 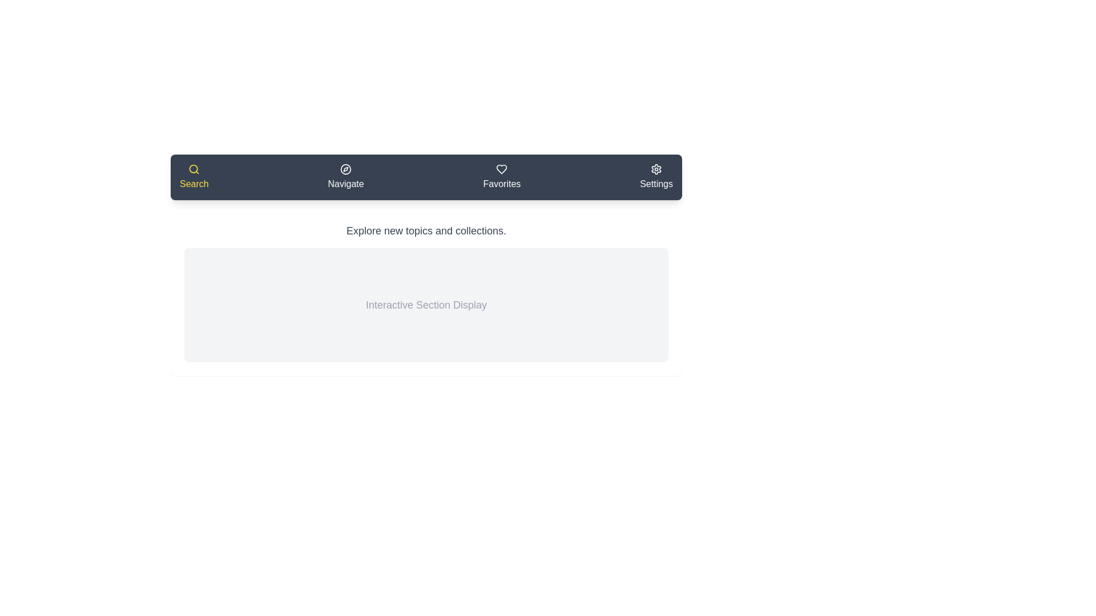 What do you see at coordinates (345, 177) in the screenshot?
I see `the Navigate tab to switch to its section` at bounding box center [345, 177].